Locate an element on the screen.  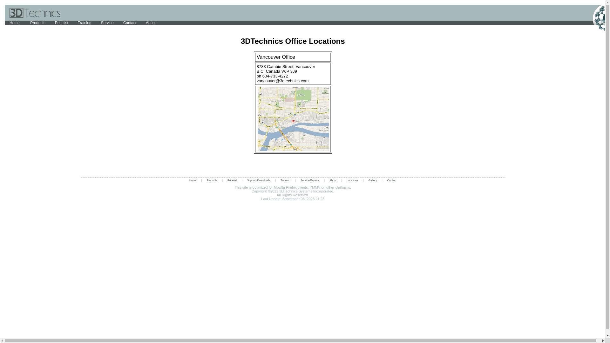
'Home' is located at coordinates (15, 23).